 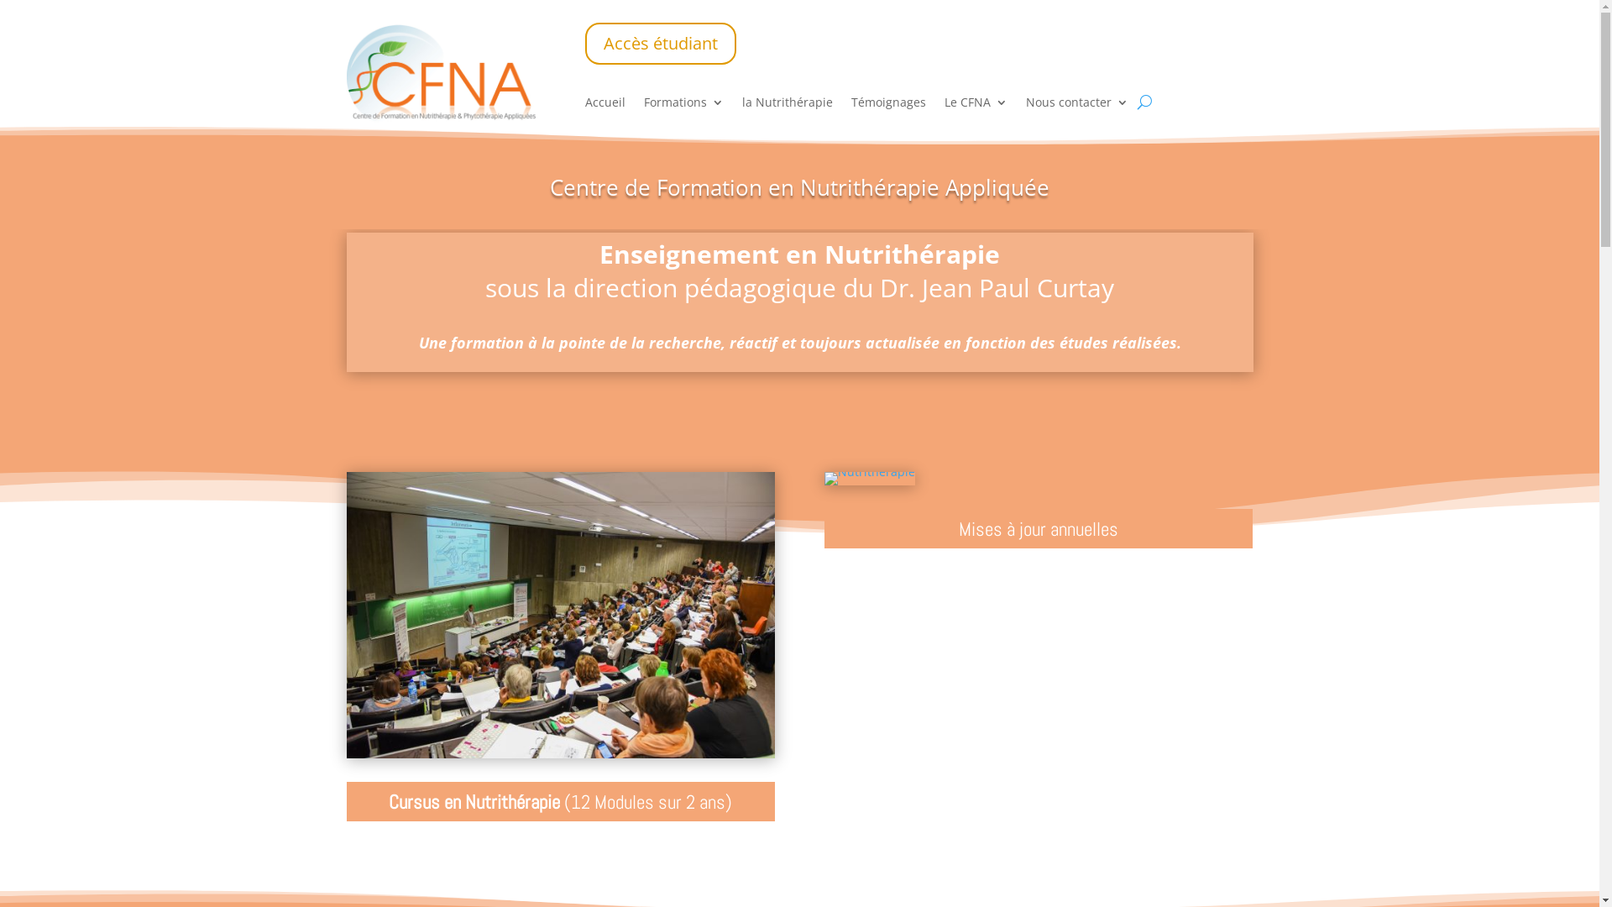 What do you see at coordinates (604, 106) in the screenshot?
I see `'Accueil'` at bounding box center [604, 106].